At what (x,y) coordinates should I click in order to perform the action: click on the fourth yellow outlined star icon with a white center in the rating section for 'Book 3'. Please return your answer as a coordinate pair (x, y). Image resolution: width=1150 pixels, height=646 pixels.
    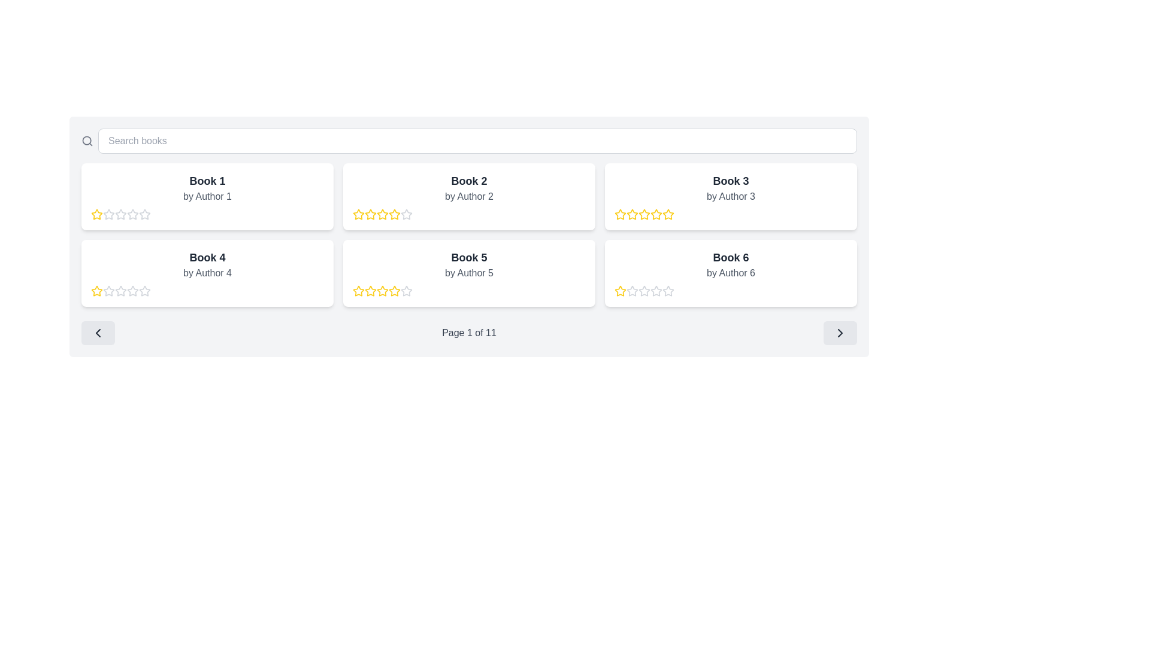
    Looking at the image, I should click on (643, 214).